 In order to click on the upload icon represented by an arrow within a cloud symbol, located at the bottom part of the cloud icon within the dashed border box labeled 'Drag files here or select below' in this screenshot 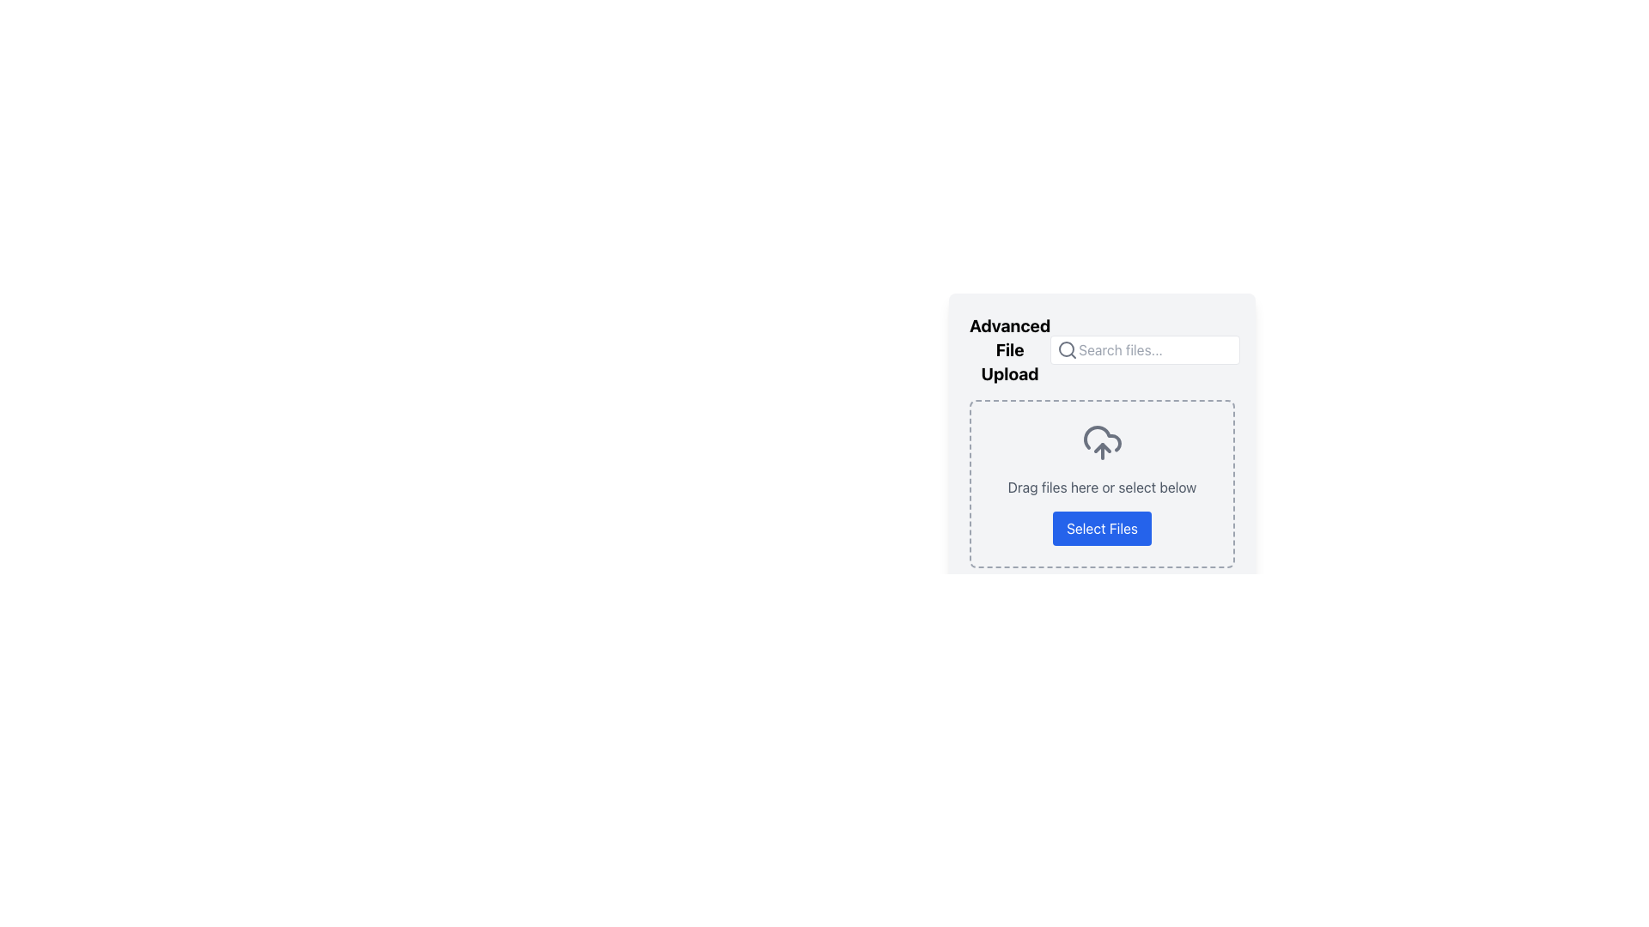, I will do `click(1102, 446)`.